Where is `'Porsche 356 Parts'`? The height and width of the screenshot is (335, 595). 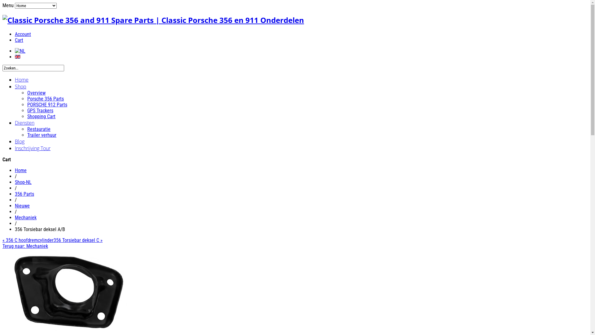
'Porsche 356 Parts' is located at coordinates (45, 98).